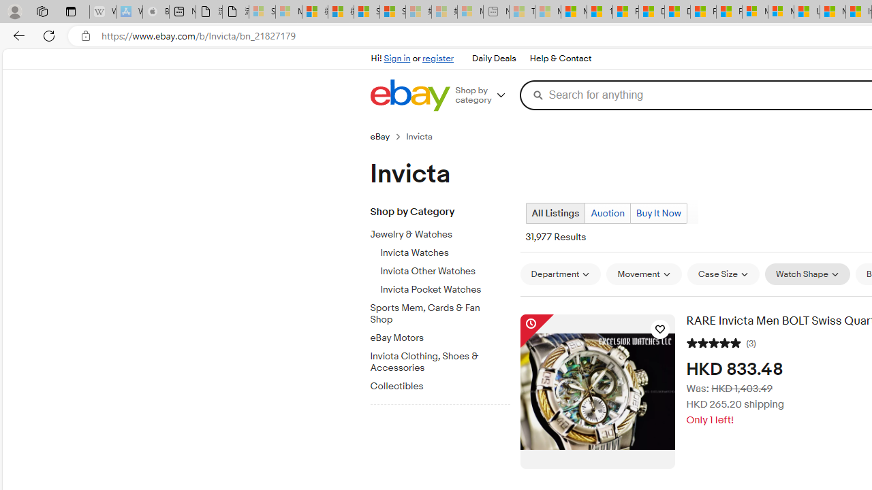 The height and width of the screenshot is (490, 872). What do you see at coordinates (470, 12) in the screenshot?
I see `'Microsoft account | Account Checkup - Sleeping'` at bounding box center [470, 12].